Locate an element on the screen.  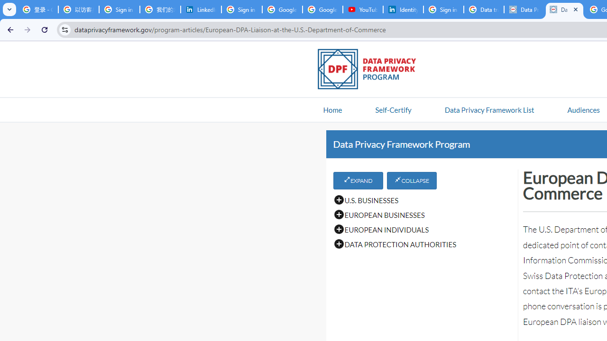
'Audiences' is located at coordinates (583, 109).